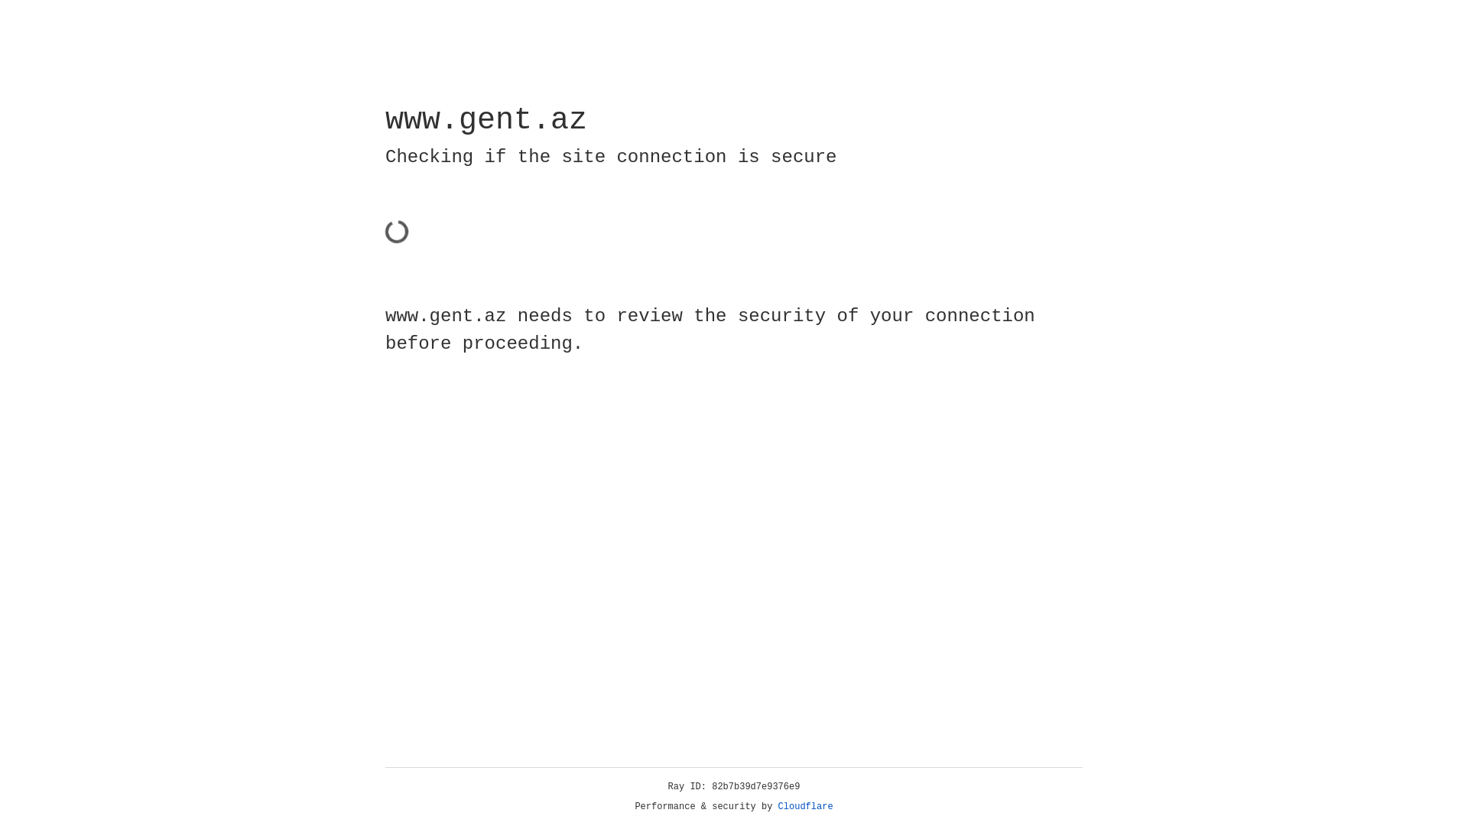  What do you see at coordinates (805, 806) in the screenshot?
I see `'Cloudflare'` at bounding box center [805, 806].